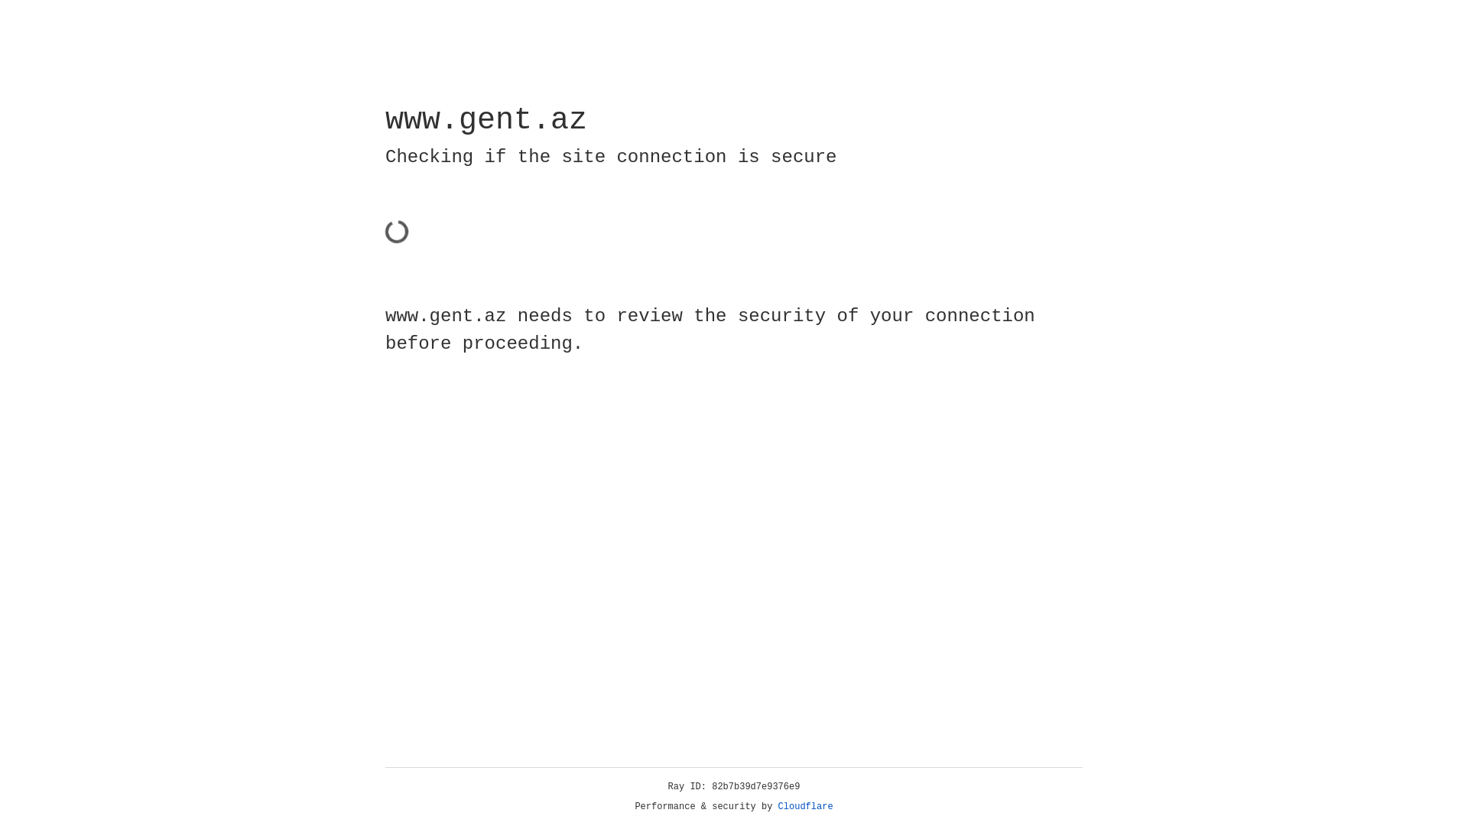  What do you see at coordinates (805, 806) in the screenshot?
I see `'Cloudflare'` at bounding box center [805, 806].